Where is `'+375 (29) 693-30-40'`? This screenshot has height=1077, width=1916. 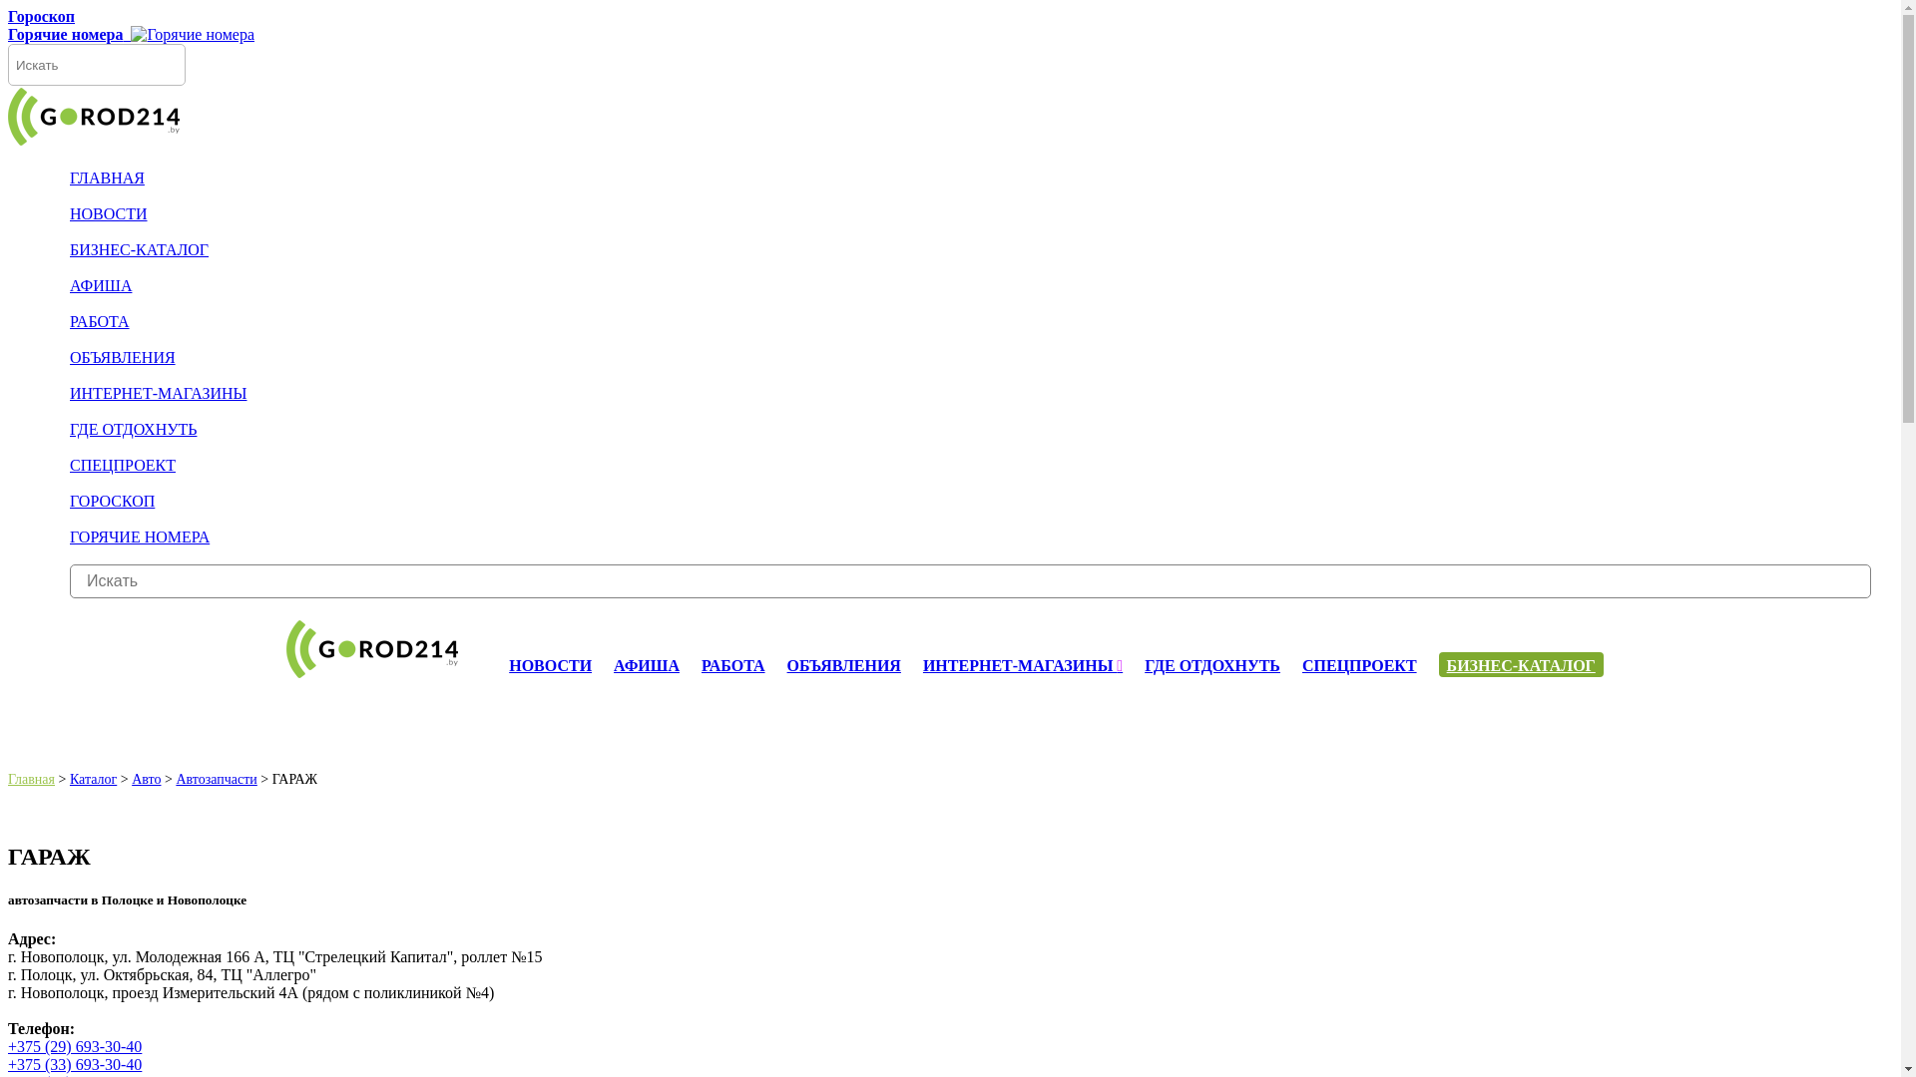 '+375 (29) 693-30-40' is located at coordinates (75, 1045).